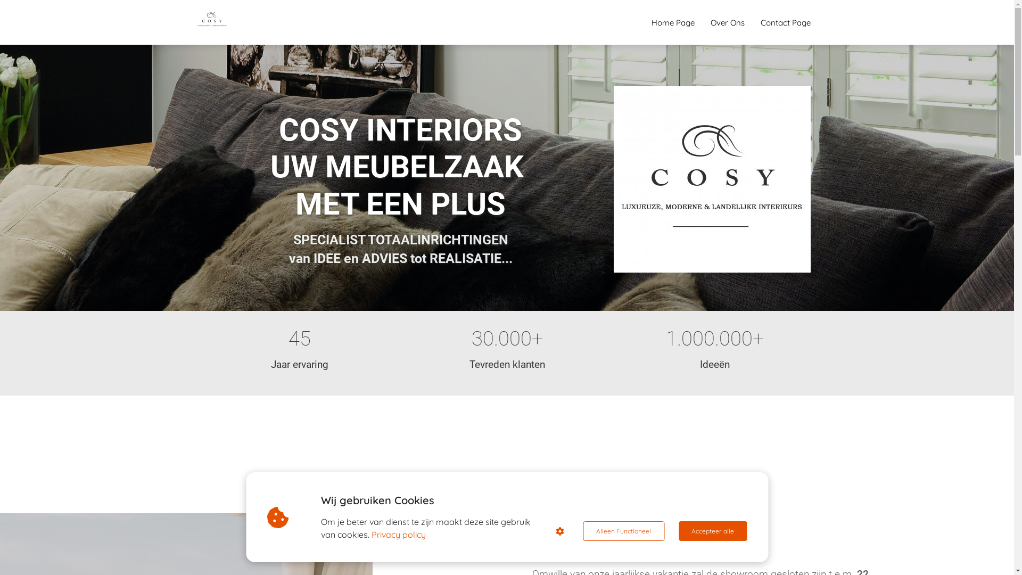 This screenshot has width=1022, height=575. What do you see at coordinates (371, 534) in the screenshot?
I see `'Privacy policy'` at bounding box center [371, 534].